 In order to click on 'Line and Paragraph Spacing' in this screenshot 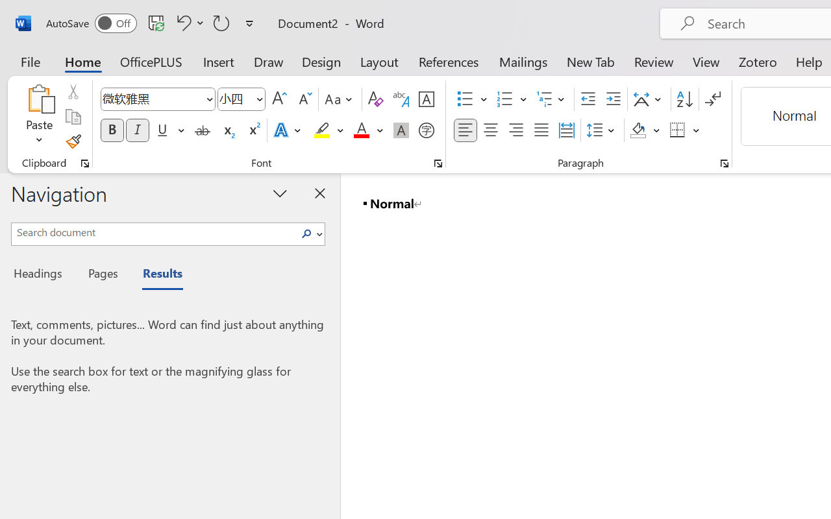, I will do `click(602, 130)`.